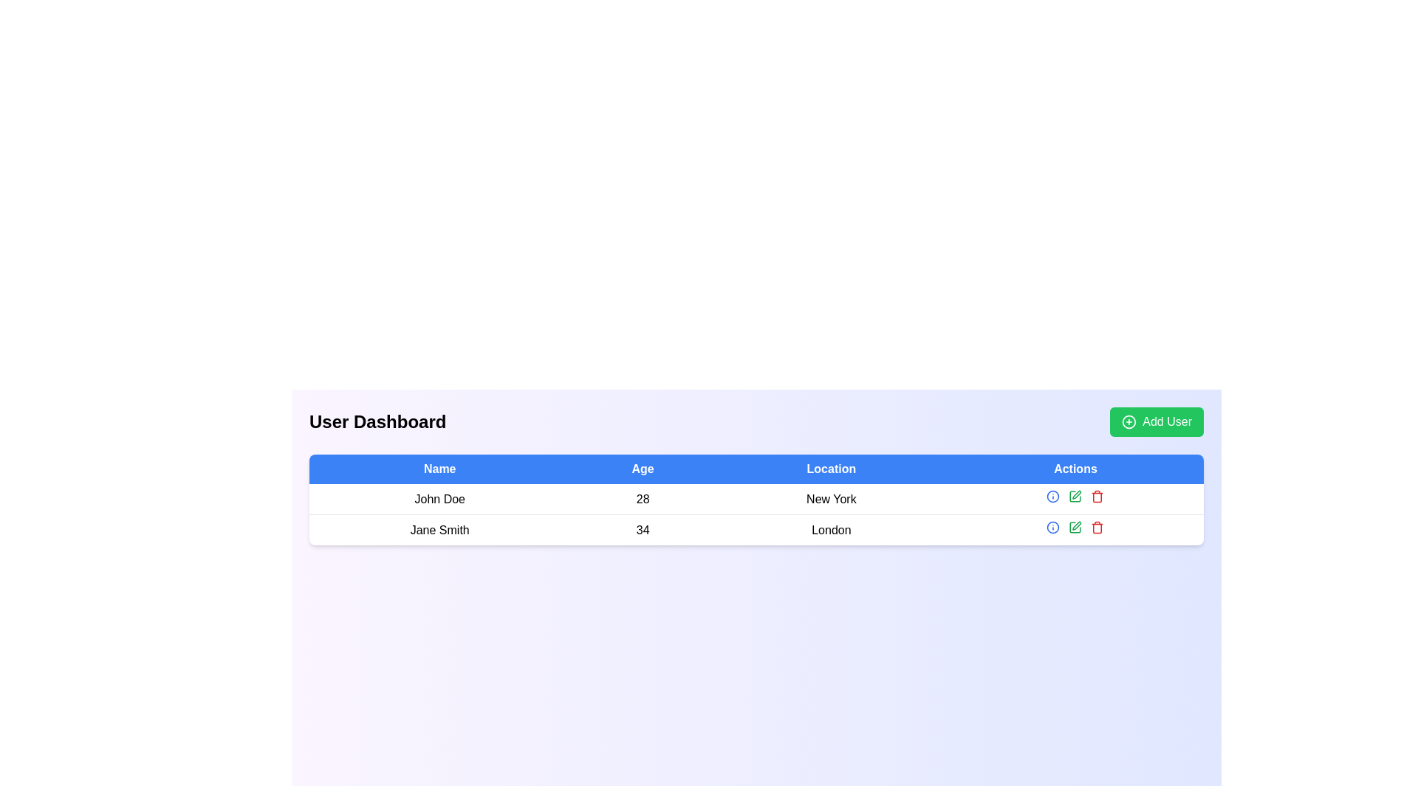 This screenshot has height=797, width=1418. Describe the element at coordinates (1097, 526) in the screenshot. I see `the red trash icon` at that location.